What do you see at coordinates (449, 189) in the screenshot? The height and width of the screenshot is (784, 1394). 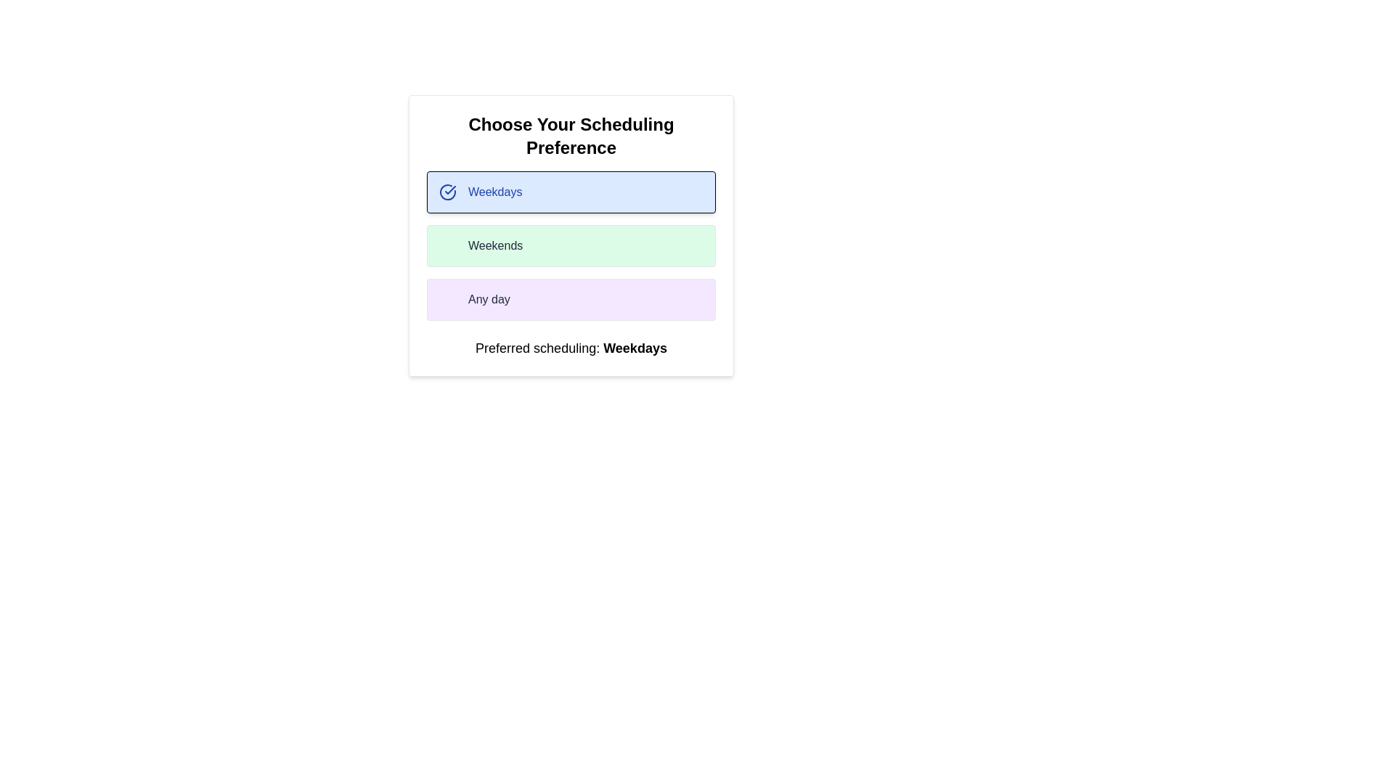 I see `the checkmark icon styled within a circular context, located to the left of the 'Weekdays' selection option` at bounding box center [449, 189].